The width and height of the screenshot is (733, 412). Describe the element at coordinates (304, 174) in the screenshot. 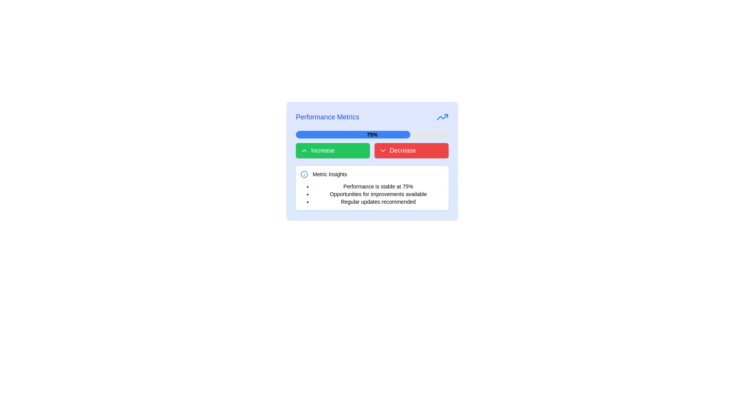

I see `the circular blue outlined icon with a white background and a bold blue 'I' in the center` at that location.